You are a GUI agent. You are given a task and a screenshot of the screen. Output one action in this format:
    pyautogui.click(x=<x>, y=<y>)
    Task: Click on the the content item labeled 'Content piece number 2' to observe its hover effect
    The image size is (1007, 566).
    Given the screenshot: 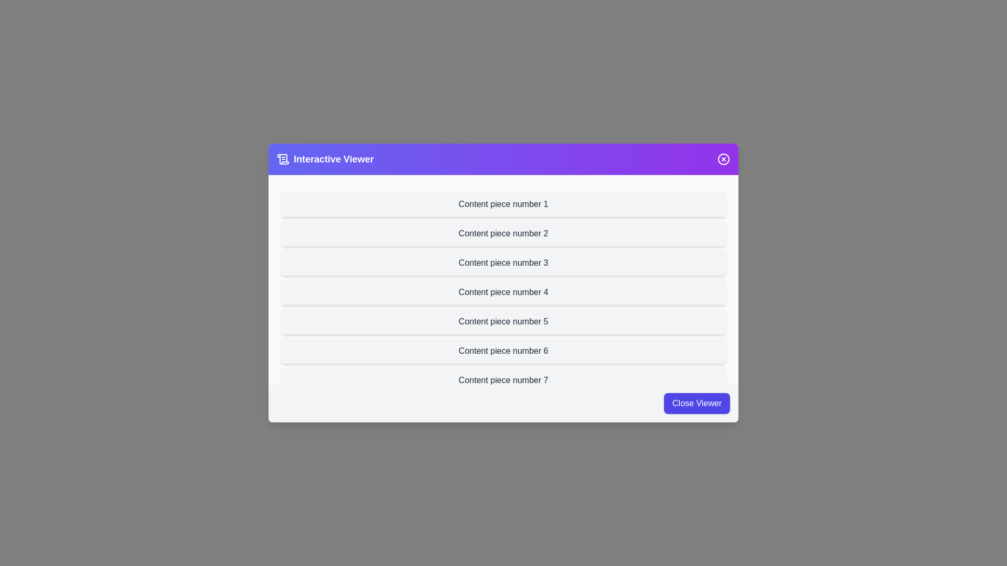 What is the action you would take?
    pyautogui.click(x=504, y=233)
    